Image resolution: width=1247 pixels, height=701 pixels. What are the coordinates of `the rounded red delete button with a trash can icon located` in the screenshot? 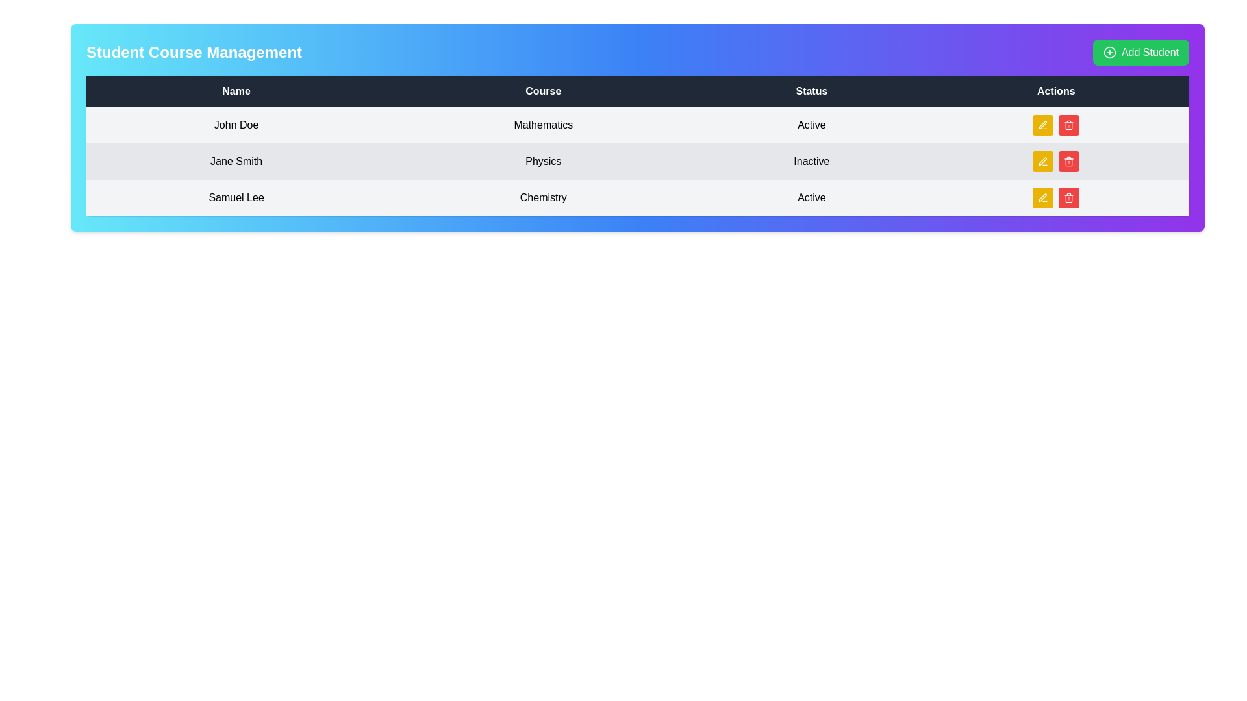 It's located at (1069, 197).